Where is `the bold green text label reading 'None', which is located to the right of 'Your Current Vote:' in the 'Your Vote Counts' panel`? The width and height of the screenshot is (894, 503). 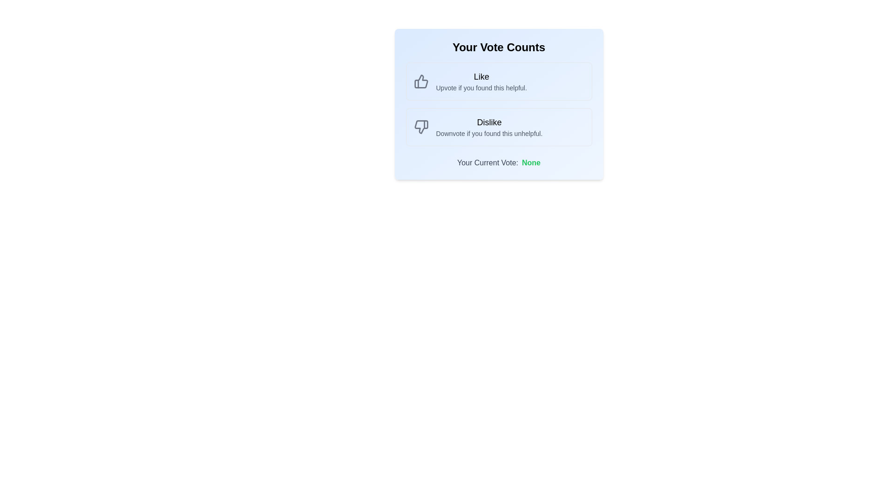 the bold green text label reading 'None', which is located to the right of 'Your Current Vote:' in the 'Your Vote Counts' panel is located at coordinates (531, 162).